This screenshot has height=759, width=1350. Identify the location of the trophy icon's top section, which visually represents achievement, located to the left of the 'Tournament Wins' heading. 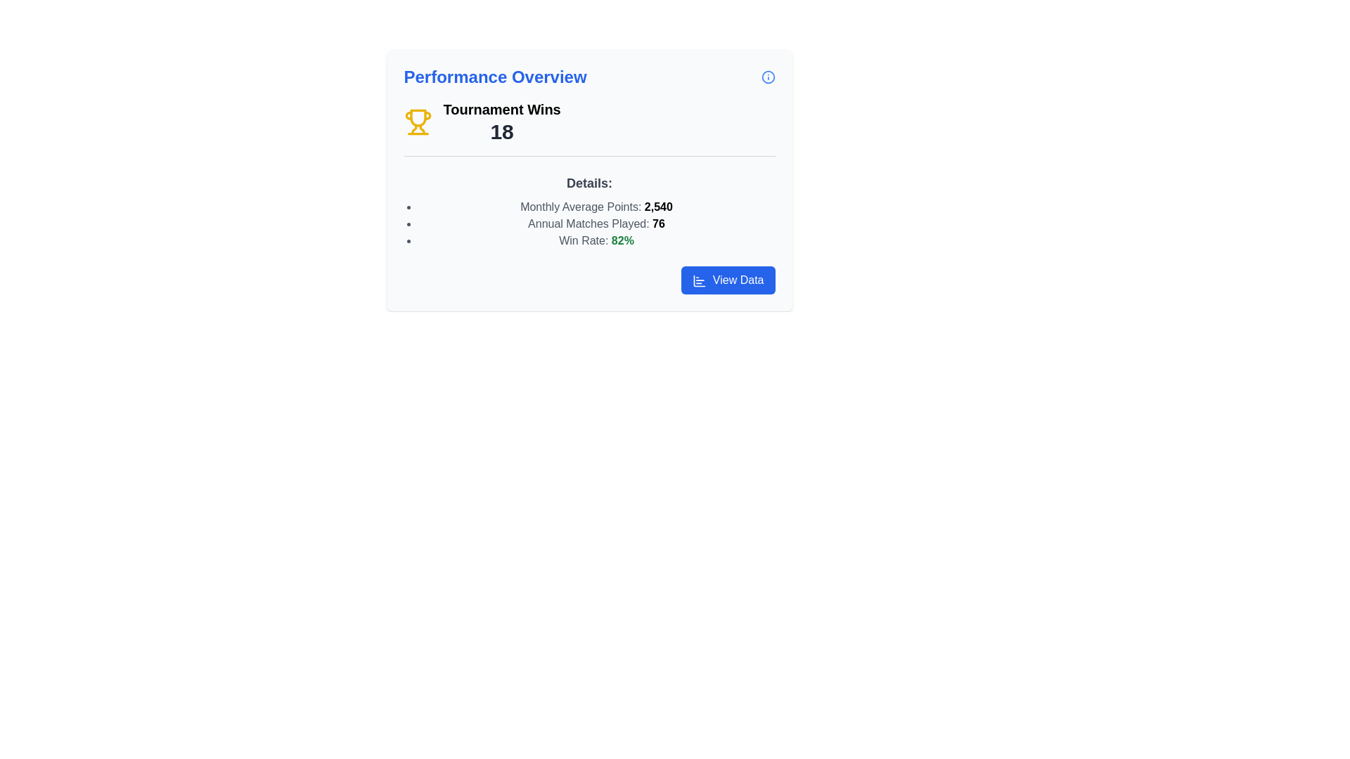
(417, 117).